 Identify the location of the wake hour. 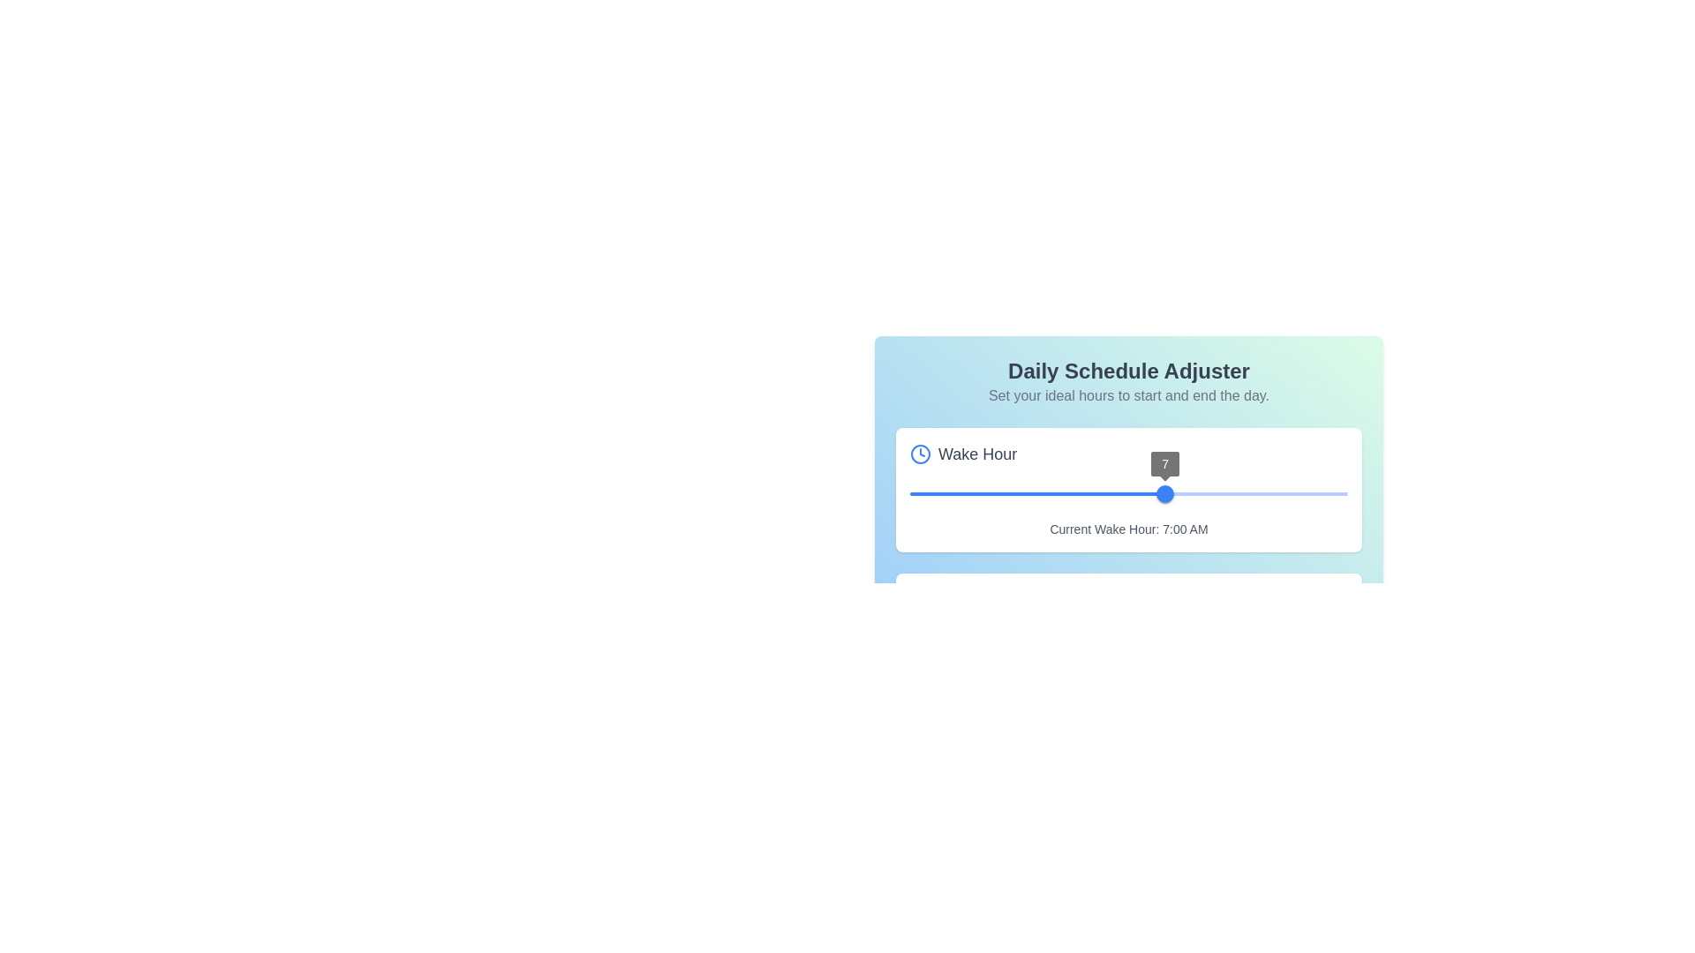
(1091, 640).